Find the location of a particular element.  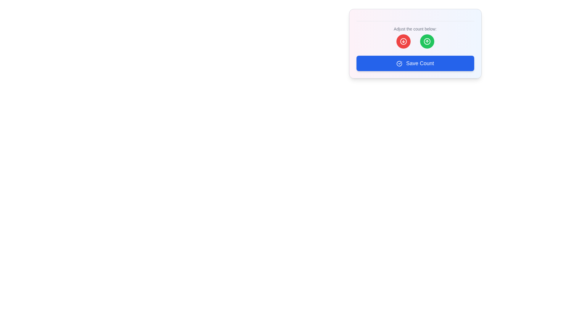

the increment button located to the right of the red decrement button to observe any hover effects is located at coordinates (427, 41).